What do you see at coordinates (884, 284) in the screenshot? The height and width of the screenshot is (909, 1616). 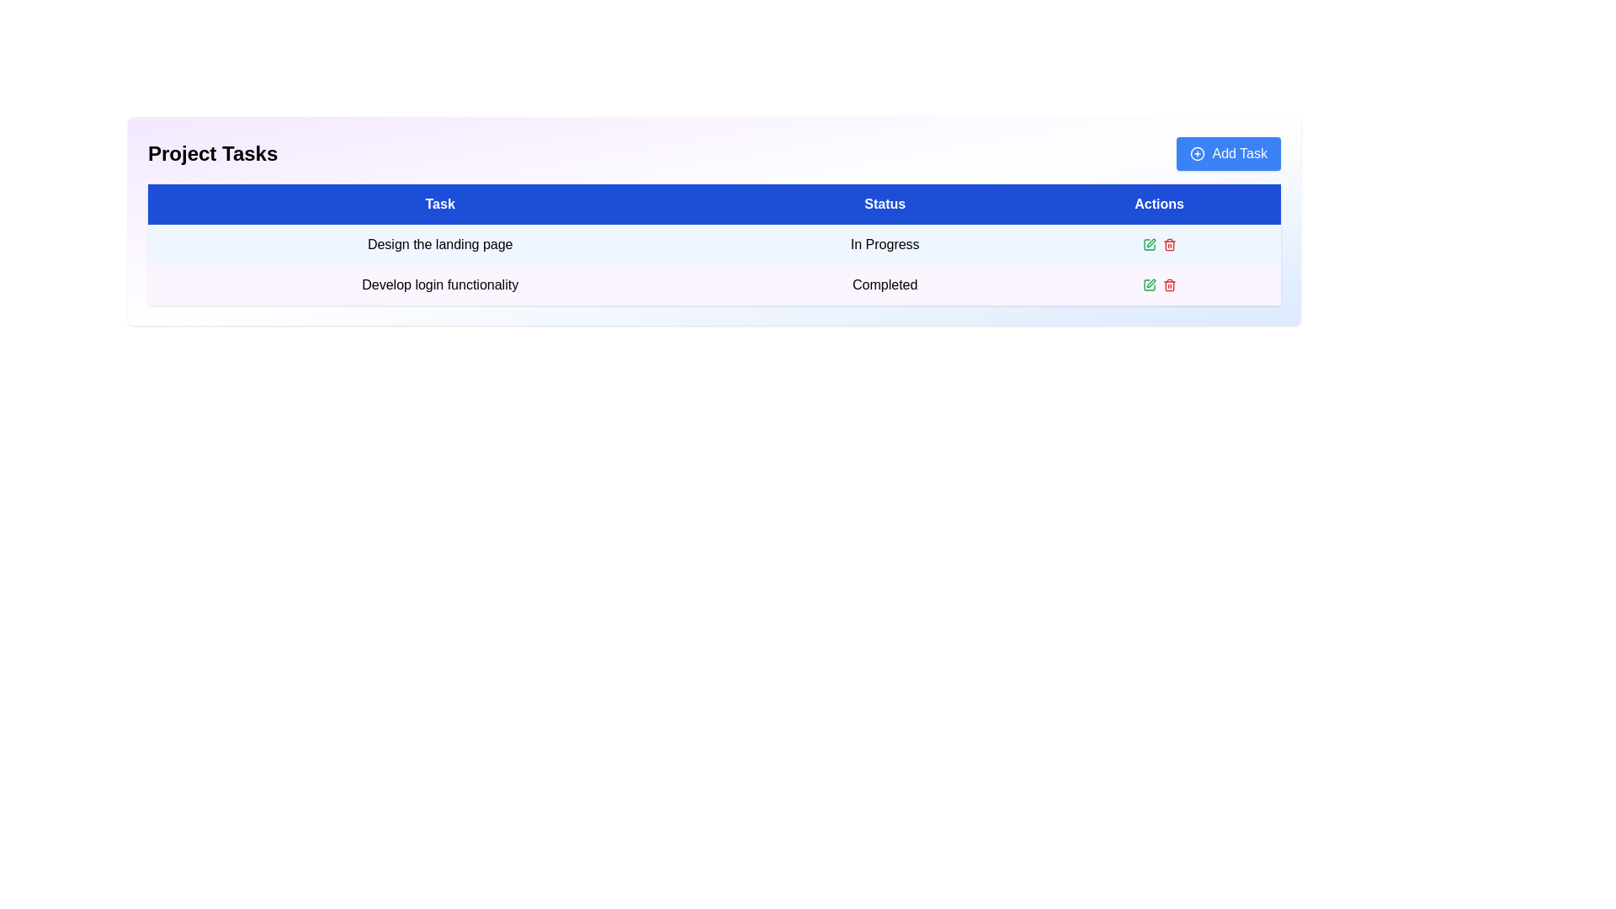 I see `the Text label indicating the status of the task located in the second row of the table under the 'Status' column, to the right of 'Develop login functionality' and left of 'Edit' and 'Delete' icons` at bounding box center [884, 284].